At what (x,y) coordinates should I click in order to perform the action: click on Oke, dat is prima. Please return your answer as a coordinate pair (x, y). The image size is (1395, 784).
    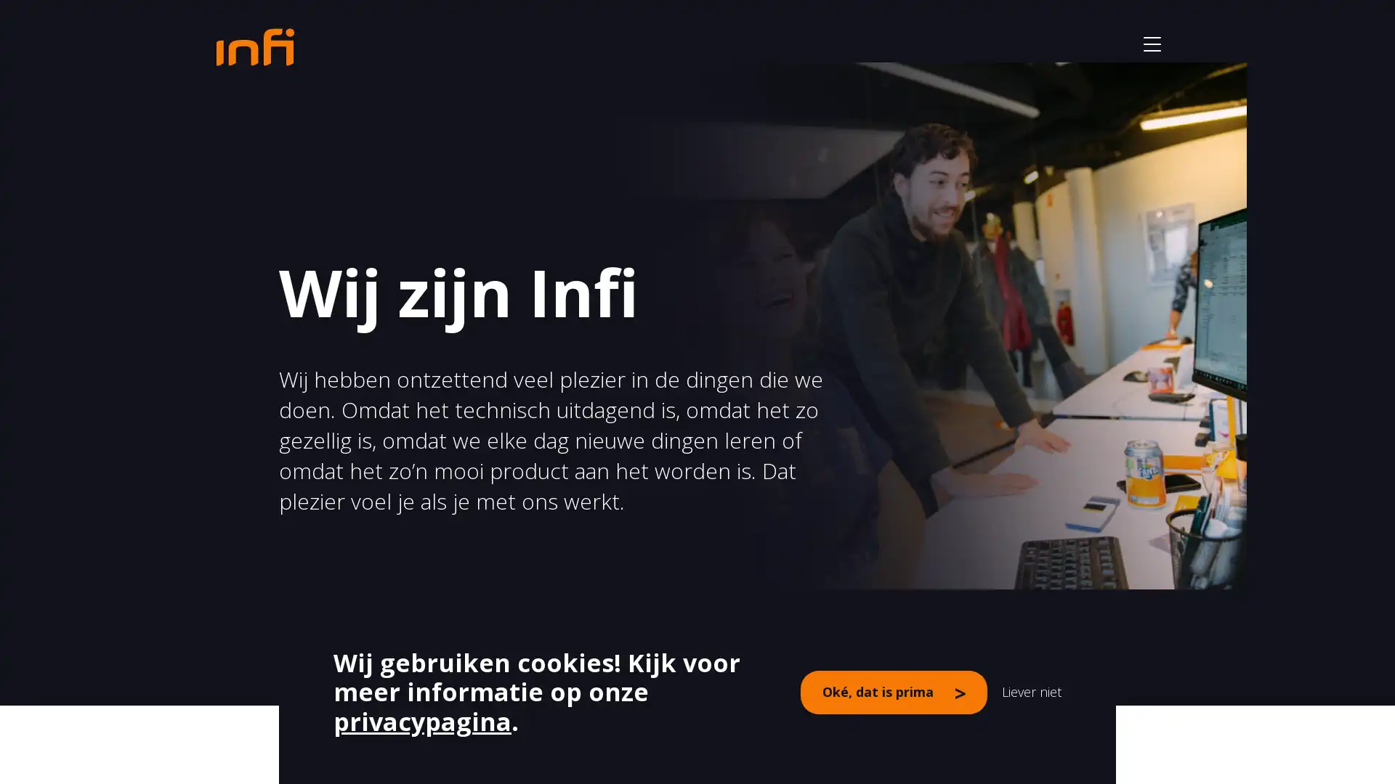
    Looking at the image, I should click on (893, 690).